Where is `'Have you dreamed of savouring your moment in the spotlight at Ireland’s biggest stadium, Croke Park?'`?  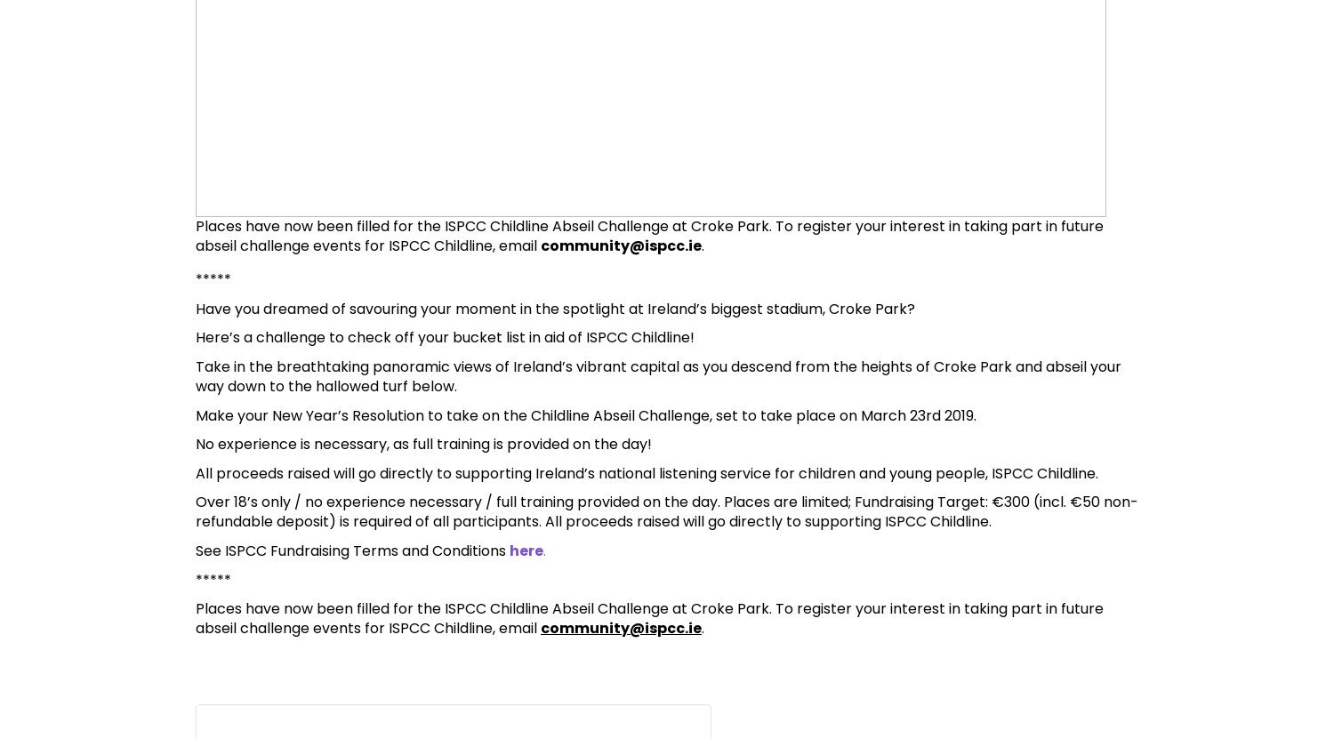
'Have you dreamed of savouring your moment in the spotlight at Ireland’s biggest stadium, Croke Park?' is located at coordinates (554, 307).